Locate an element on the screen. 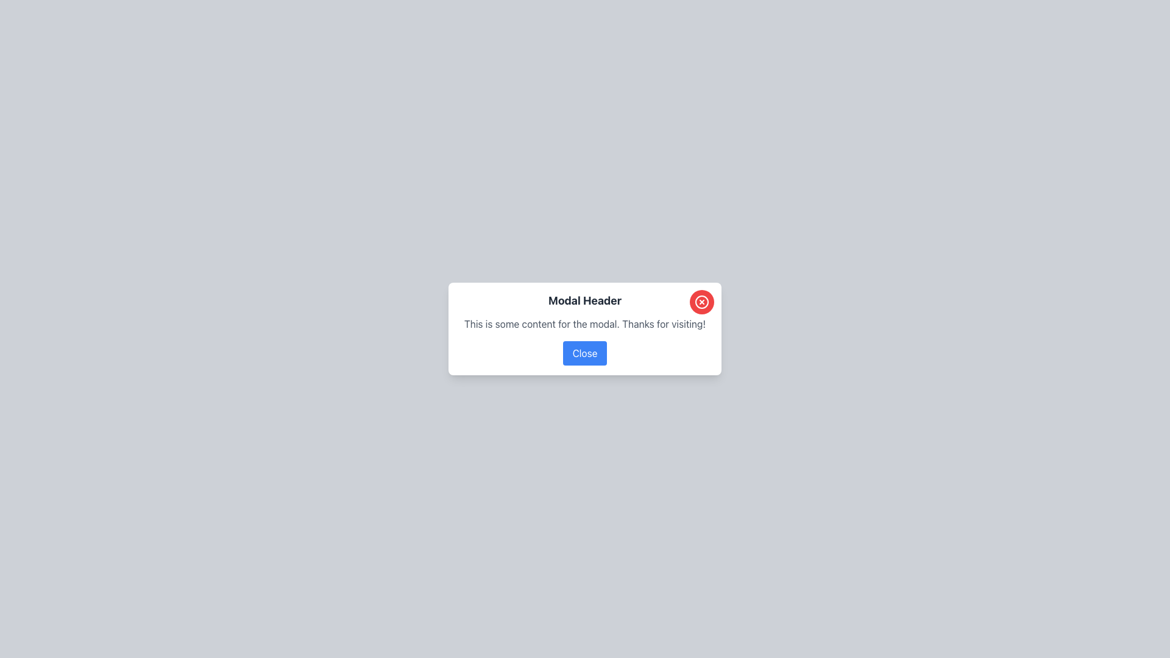 This screenshot has width=1170, height=658. the red circular SVG icon with a white cross symbol located at the top-right corner of the modal dialog is located at coordinates (702, 302).